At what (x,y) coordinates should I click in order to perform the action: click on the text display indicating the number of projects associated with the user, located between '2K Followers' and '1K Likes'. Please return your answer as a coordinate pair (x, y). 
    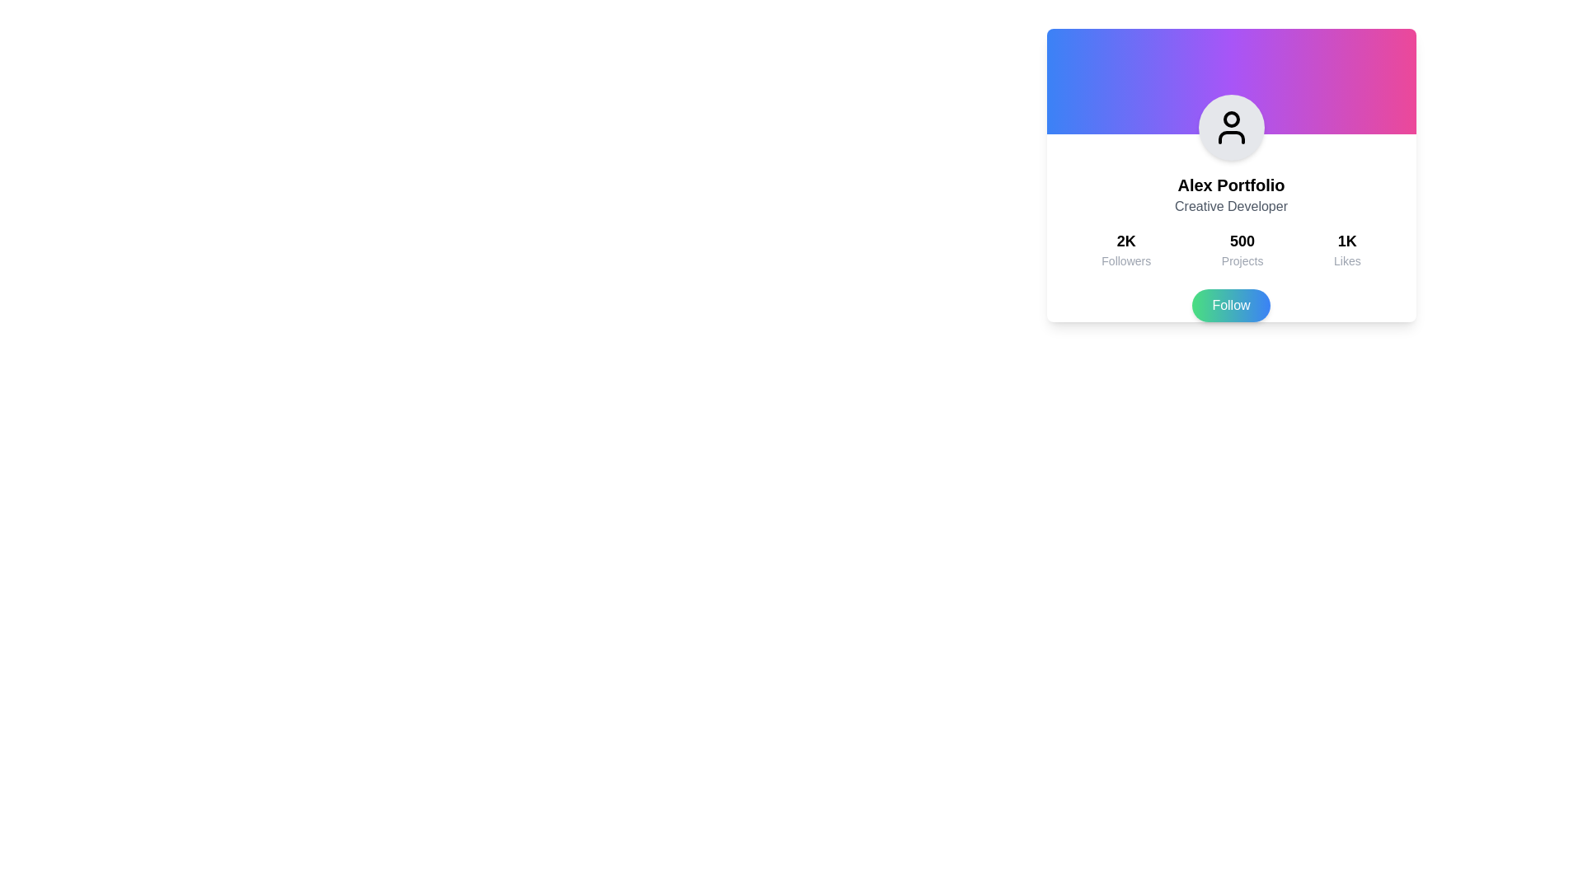
    Looking at the image, I should click on (1242, 250).